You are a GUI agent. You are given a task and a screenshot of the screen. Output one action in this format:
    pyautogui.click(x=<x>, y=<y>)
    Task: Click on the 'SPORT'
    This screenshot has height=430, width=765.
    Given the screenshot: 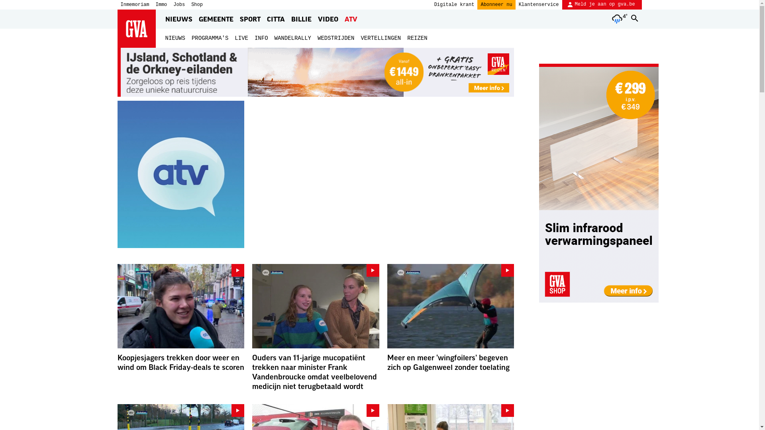 What is the action you would take?
    pyautogui.click(x=250, y=18)
    